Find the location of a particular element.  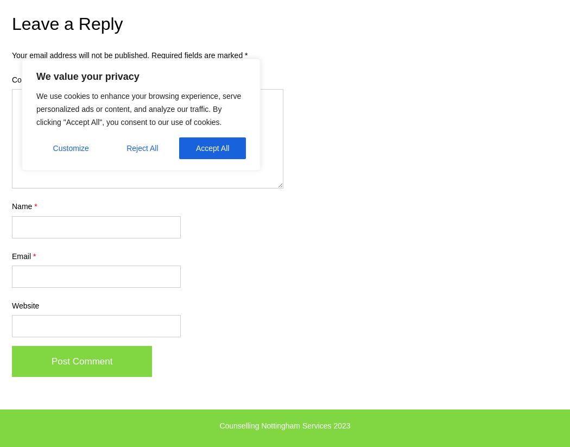

'Counselling Nottingham Services 2023' is located at coordinates (284, 425).